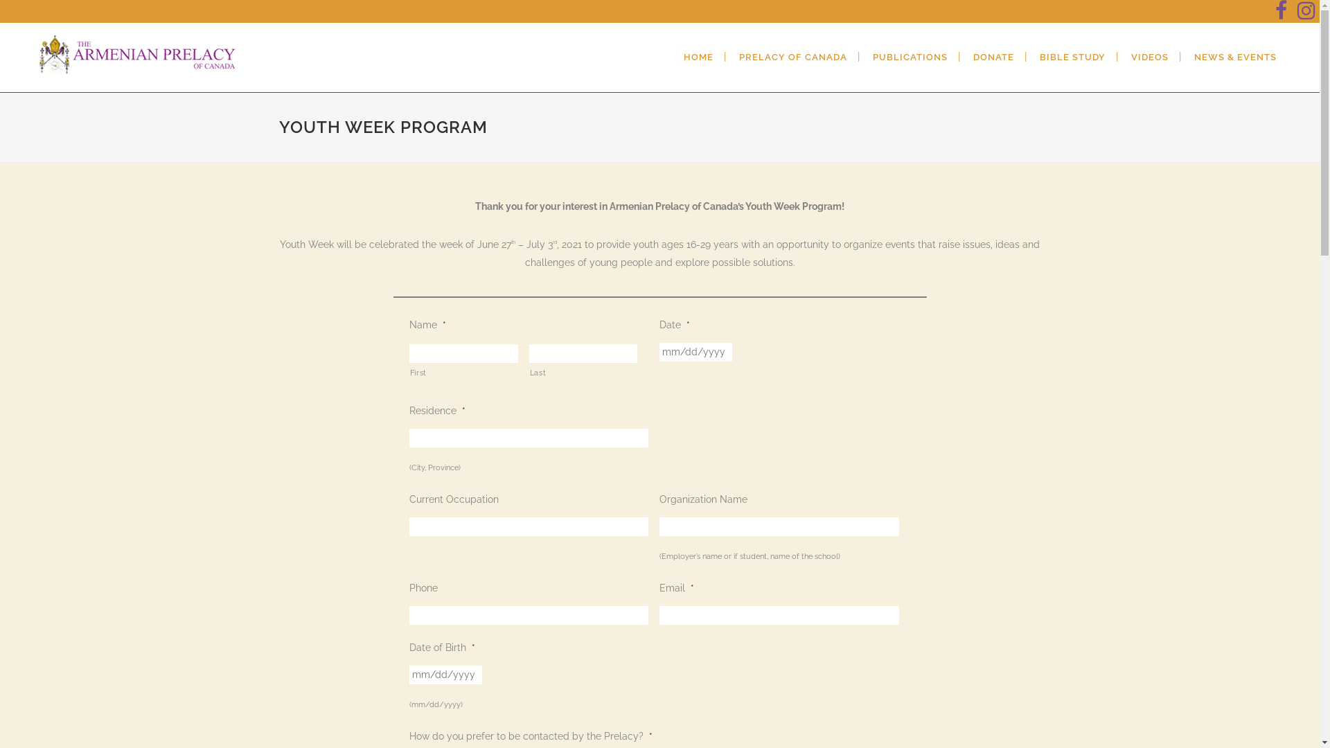 Image resolution: width=1330 pixels, height=748 pixels. I want to click on 'DONATE', so click(993, 57).